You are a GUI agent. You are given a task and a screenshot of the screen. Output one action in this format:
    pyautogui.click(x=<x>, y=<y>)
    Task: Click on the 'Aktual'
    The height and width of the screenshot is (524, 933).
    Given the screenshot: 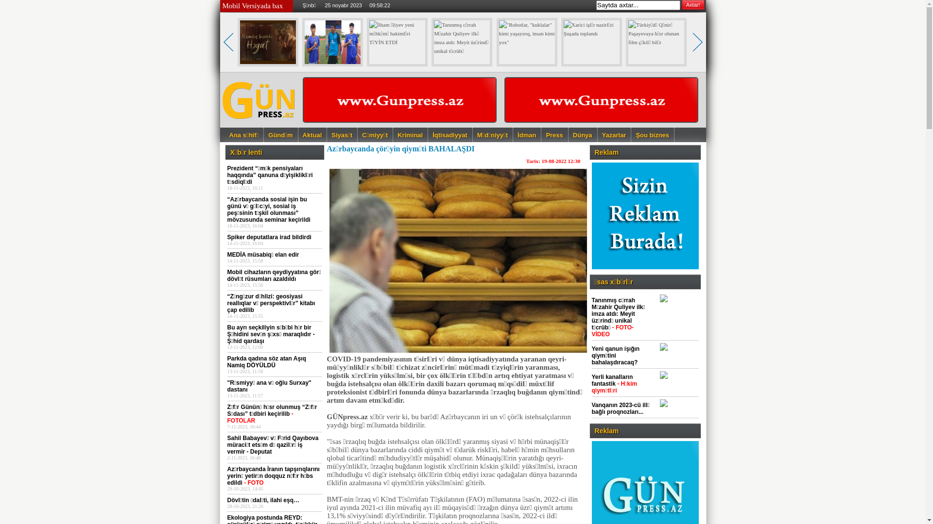 What is the action you would take?
    pyautogui.click(x=312, y=134)
    